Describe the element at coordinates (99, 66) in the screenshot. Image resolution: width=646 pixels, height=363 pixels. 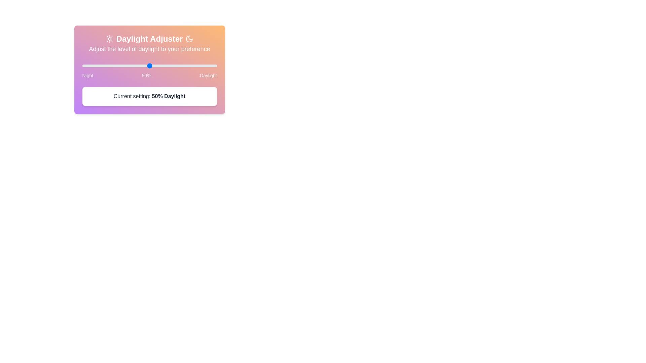
I see `the daylight slider to 13%` at that location.